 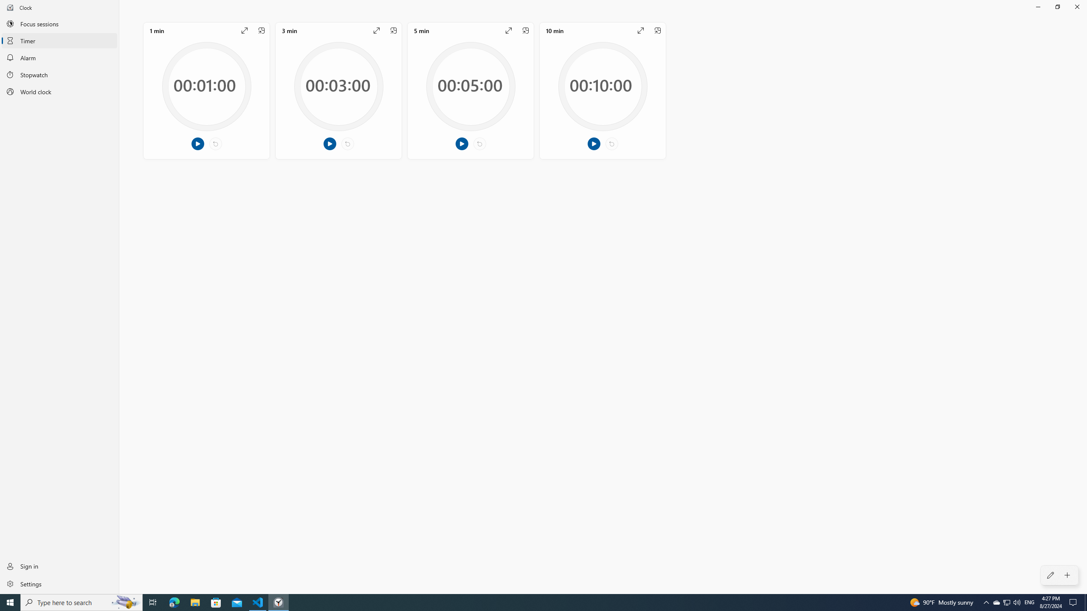 What do you see at coordinates (59, 75) in the screenshot?
I see `'Stopwatch'` at bounding box center [59, 75].